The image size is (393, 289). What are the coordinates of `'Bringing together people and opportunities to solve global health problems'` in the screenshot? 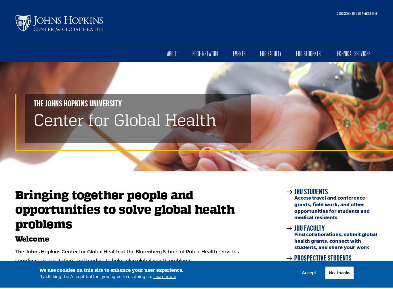 It's located at (125, 210).